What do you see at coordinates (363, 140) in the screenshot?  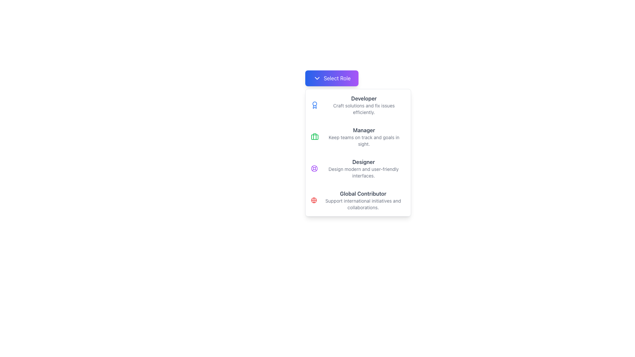 I see `the static text displaying 'Keep teams on track and goals in sight.' which is the second line under the 'Manager' label in the role selection list` at bounding box center [363, 140].